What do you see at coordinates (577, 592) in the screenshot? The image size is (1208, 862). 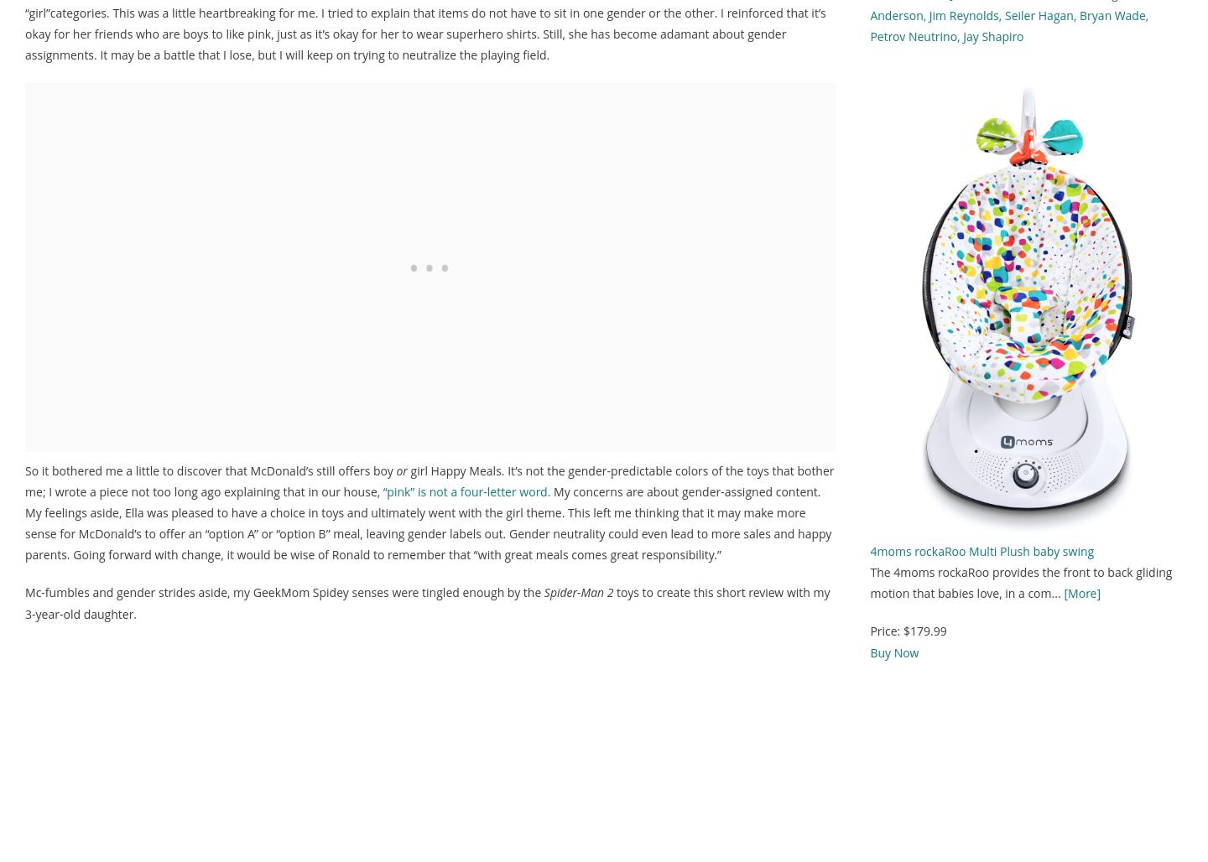 I see `'Spider-Man 2'` at bounding box center [577, 592].